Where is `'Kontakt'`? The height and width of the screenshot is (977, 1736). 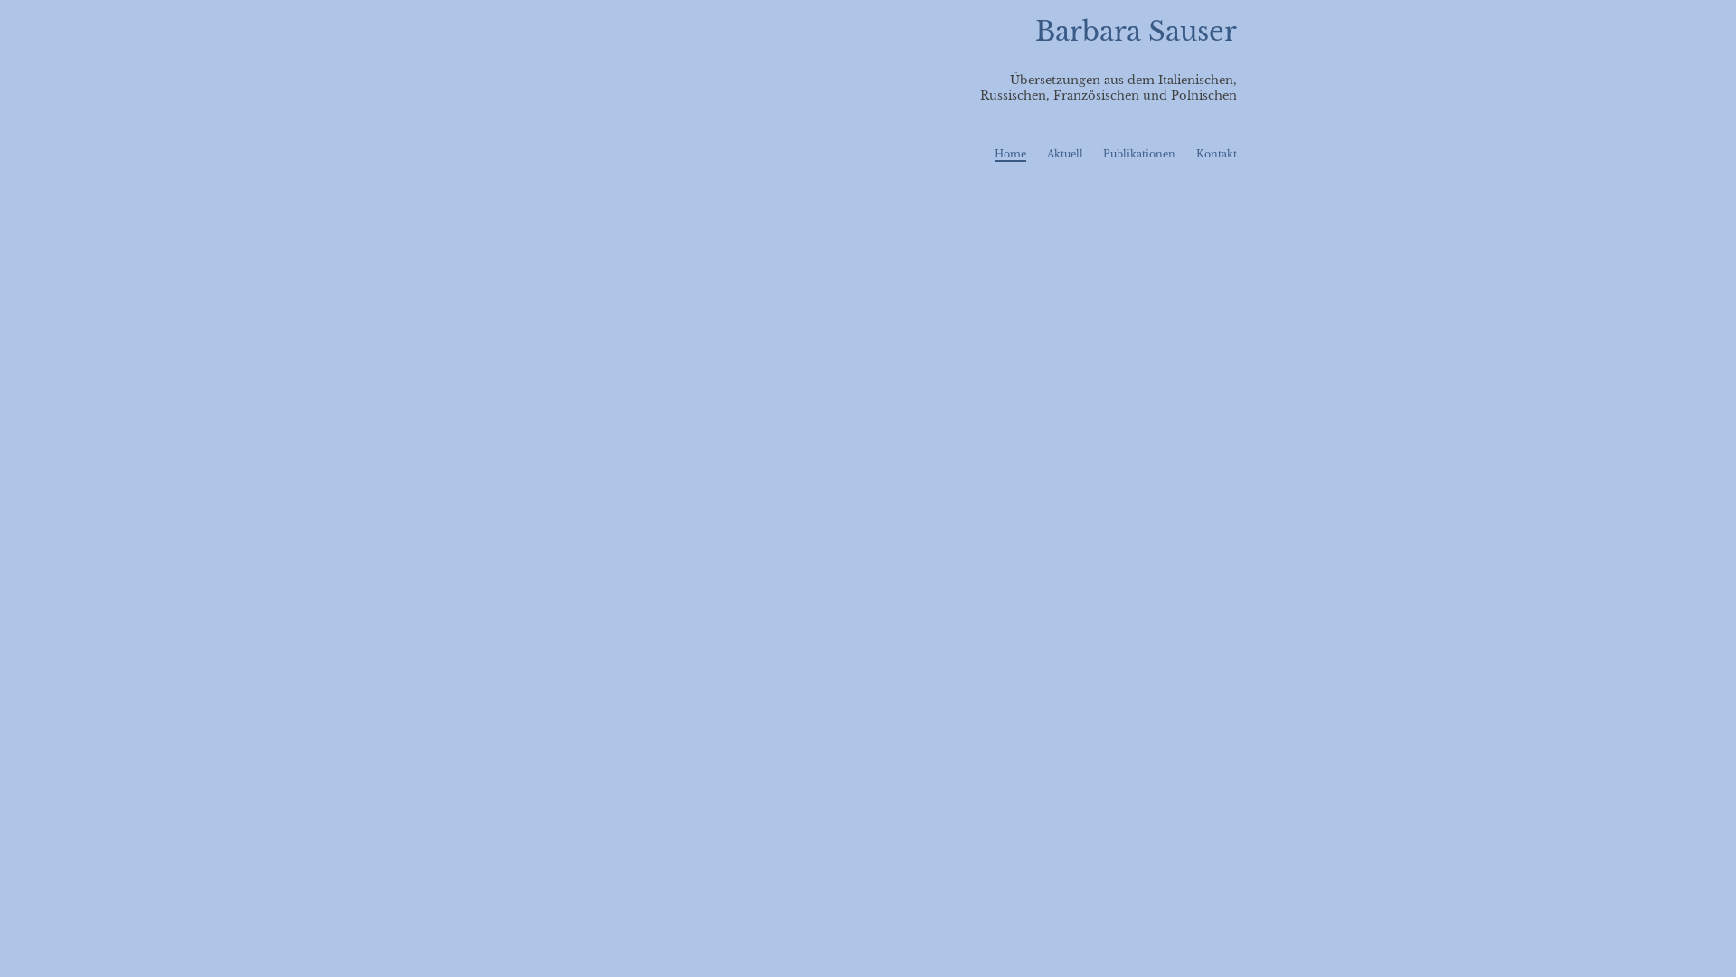
'Kontakt' is located at coordinates (1216, 152).